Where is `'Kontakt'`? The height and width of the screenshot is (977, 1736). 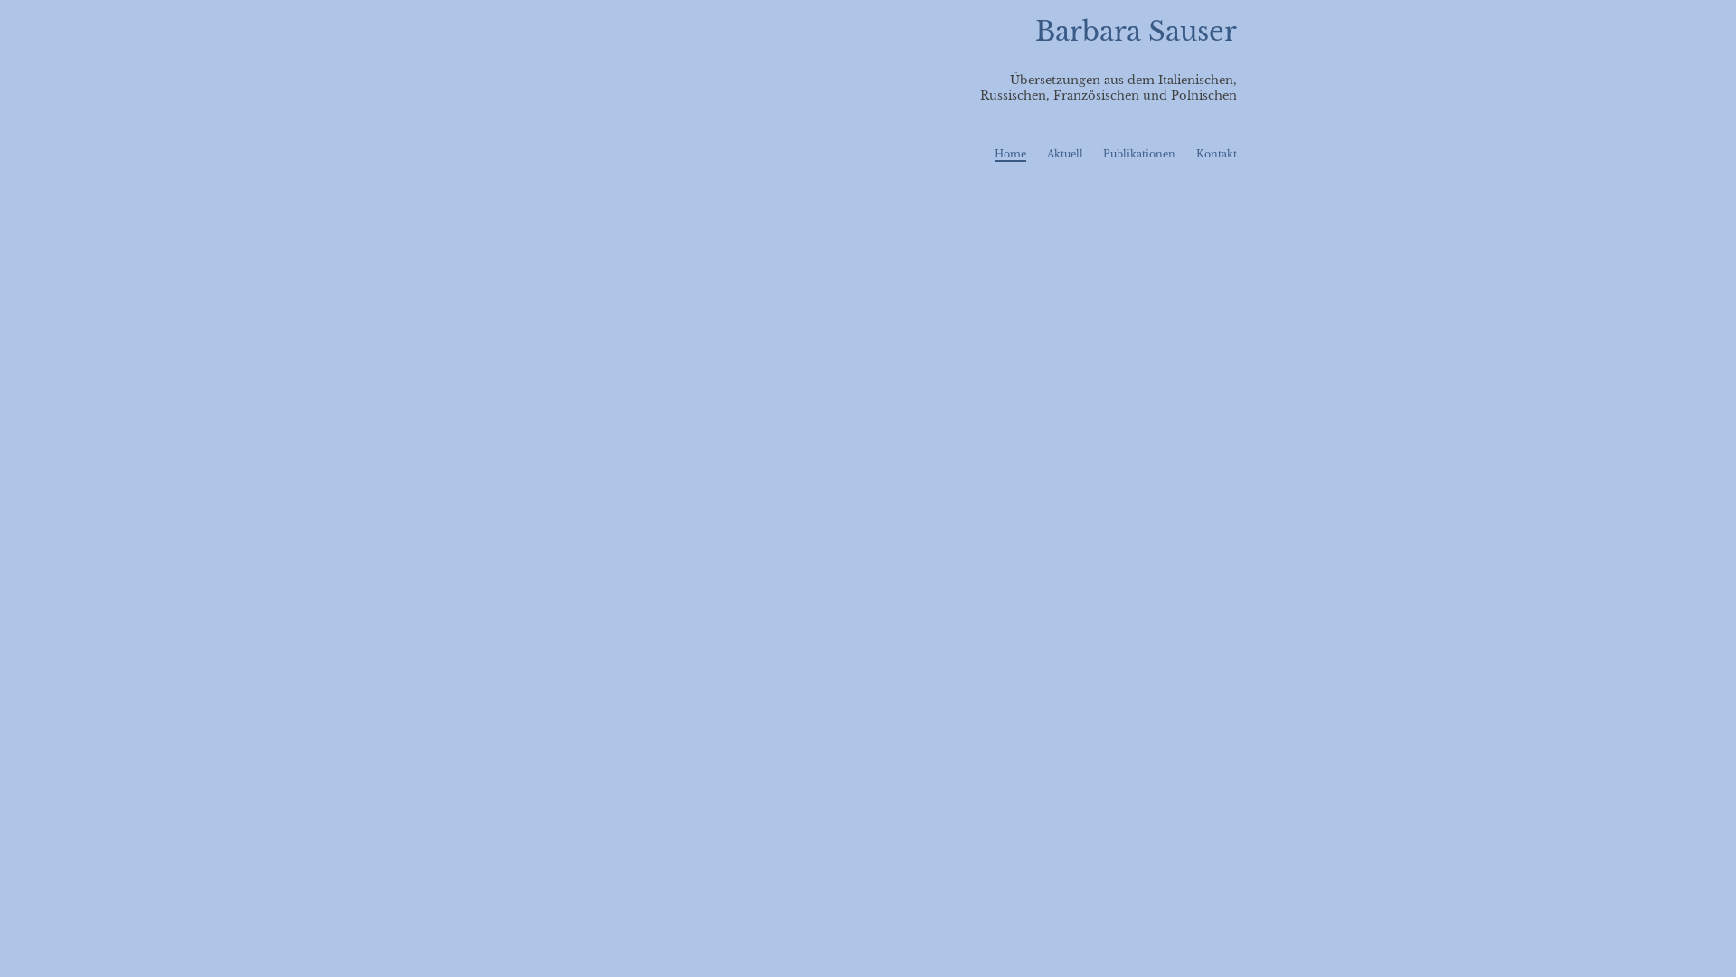
'Kontakt' is located at coordinates (1216, 152).